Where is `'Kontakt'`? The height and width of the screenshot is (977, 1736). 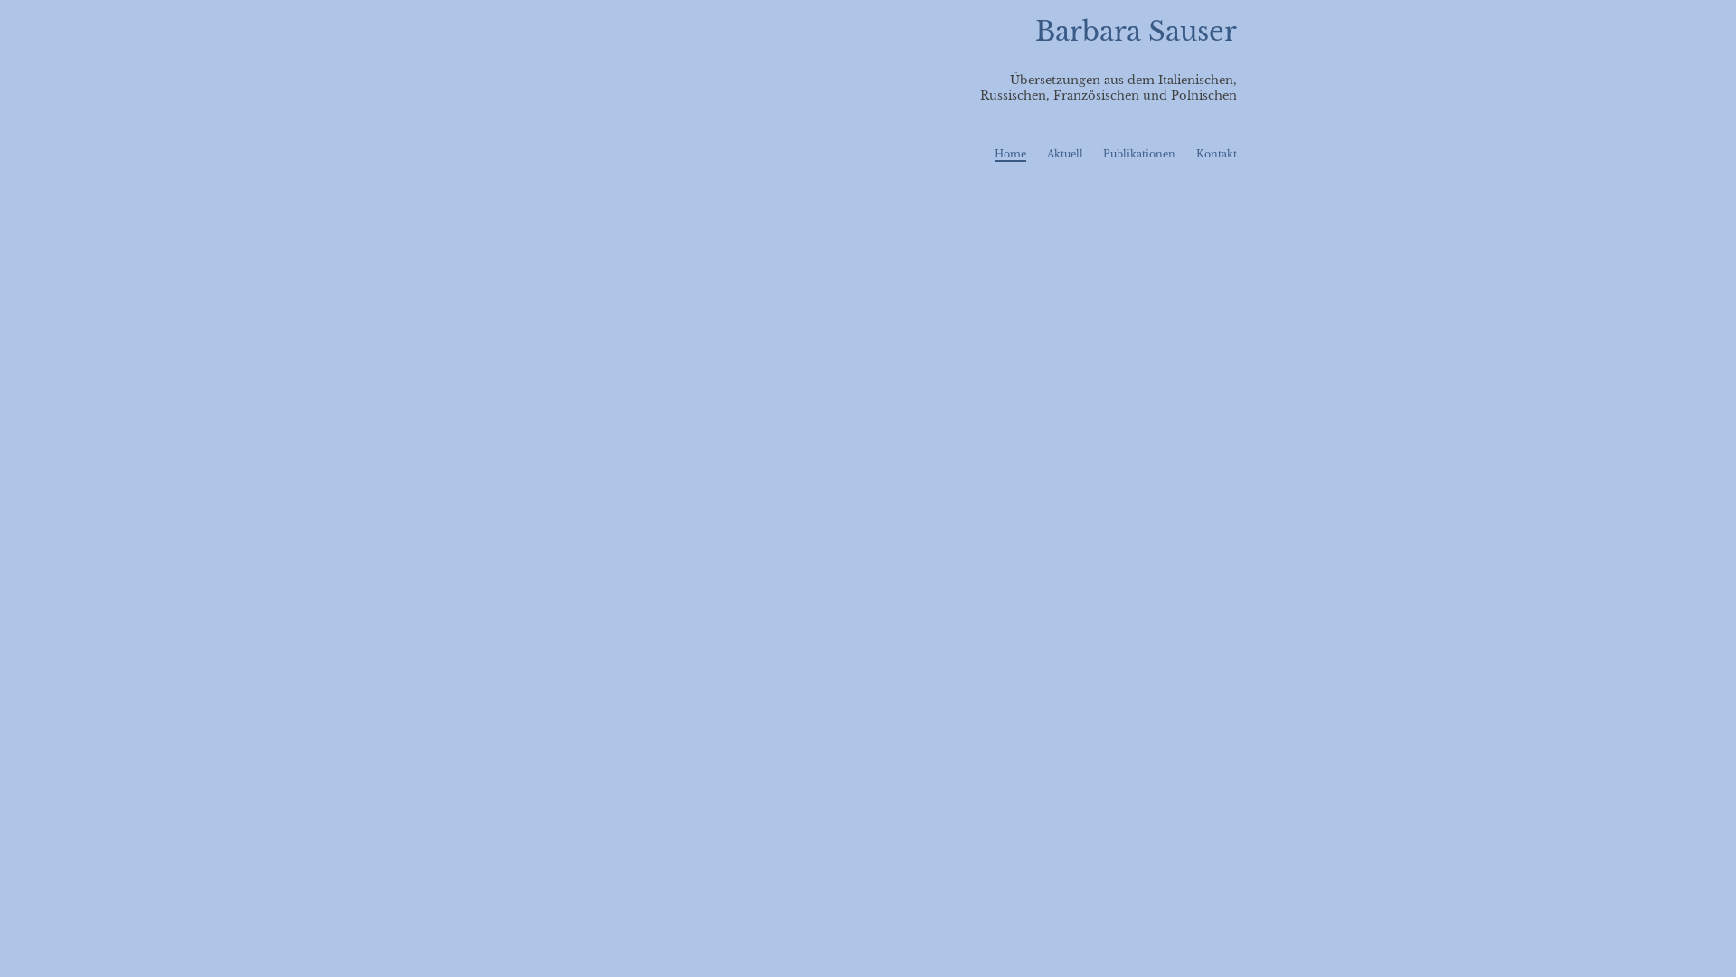
'Kontakt' is located at coordinates (1216, 152).